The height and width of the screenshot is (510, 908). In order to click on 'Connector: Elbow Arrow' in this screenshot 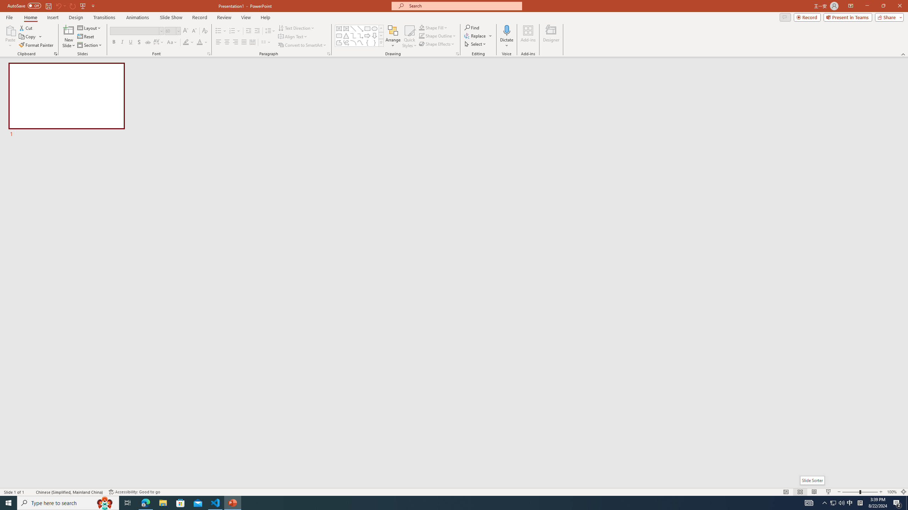, I will do `click(360, 35)`.